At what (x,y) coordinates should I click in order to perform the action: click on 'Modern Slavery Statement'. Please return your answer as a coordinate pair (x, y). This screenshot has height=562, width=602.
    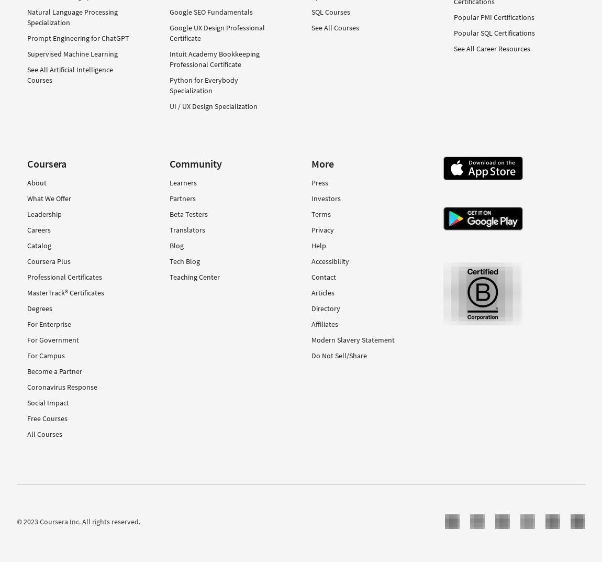
    Looking at the image, I should click on (311, 338).